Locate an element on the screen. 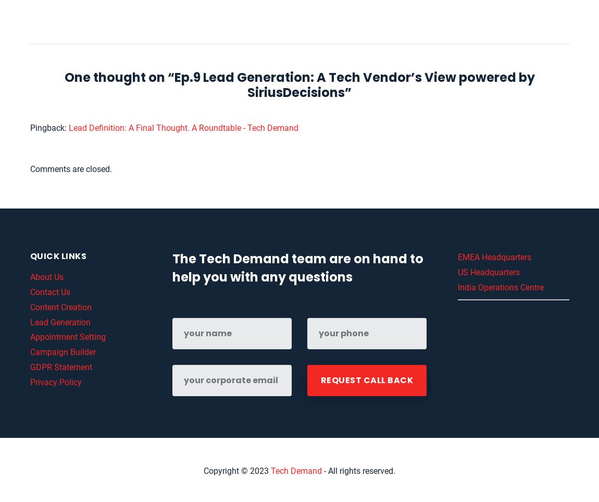  'The Tech Demand team are on hand to help you with any questions' is located at coordinates (172, 267).